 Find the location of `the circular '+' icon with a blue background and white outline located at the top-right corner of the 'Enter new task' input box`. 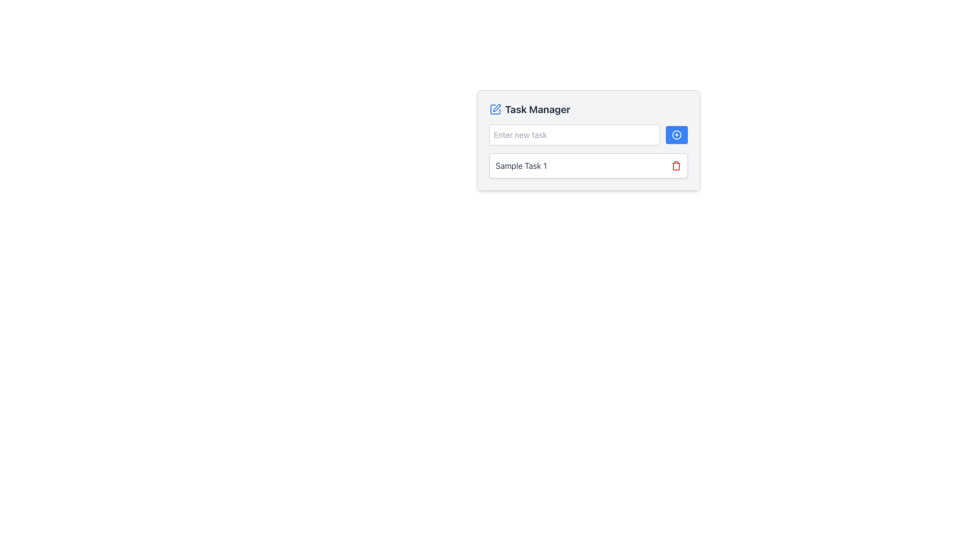

the circular '+' icon with a blue background and white outline located at the top-right corner of the 'Enter new task' input box is located at coordinates (676, 134).